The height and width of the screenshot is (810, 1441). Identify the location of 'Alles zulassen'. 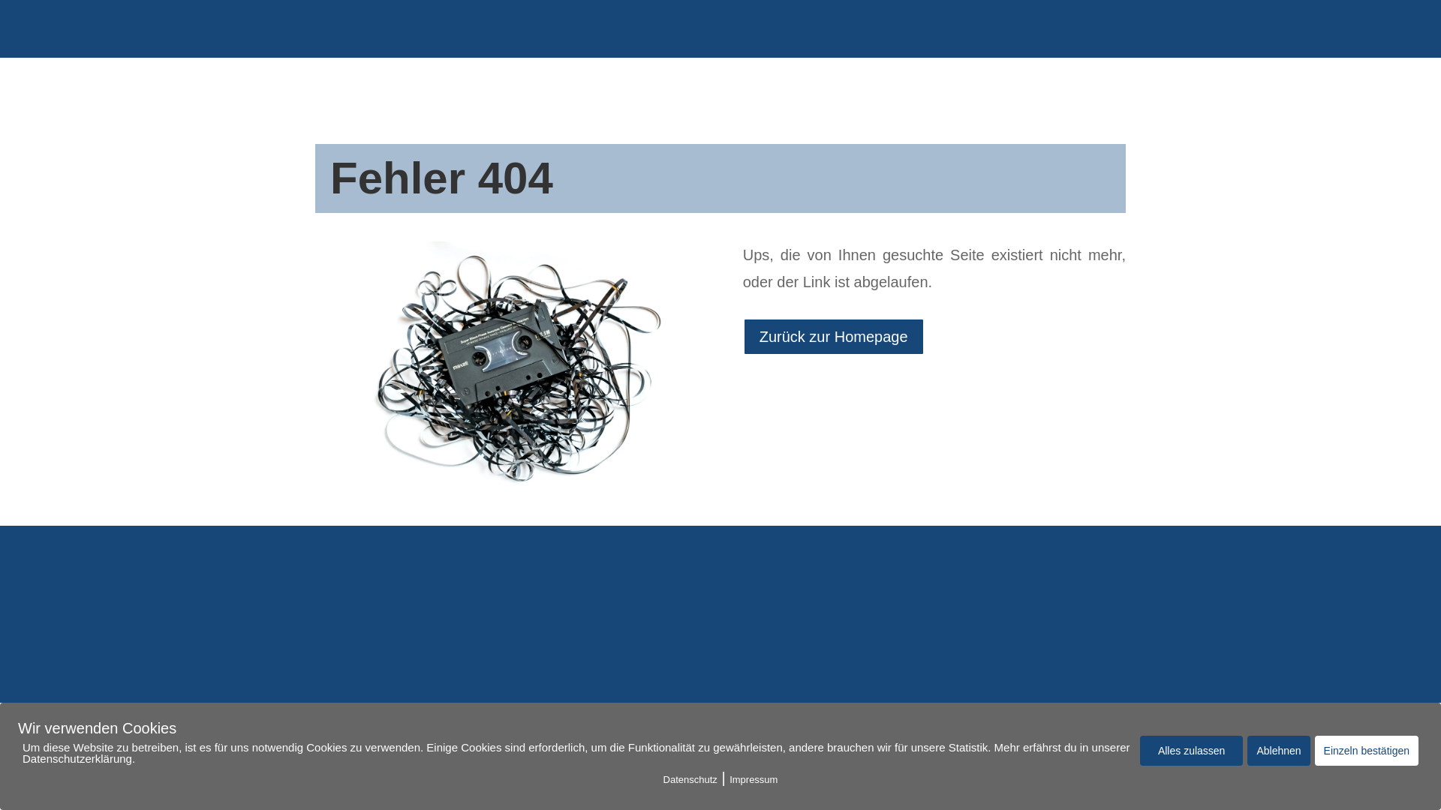
(1191, 751).